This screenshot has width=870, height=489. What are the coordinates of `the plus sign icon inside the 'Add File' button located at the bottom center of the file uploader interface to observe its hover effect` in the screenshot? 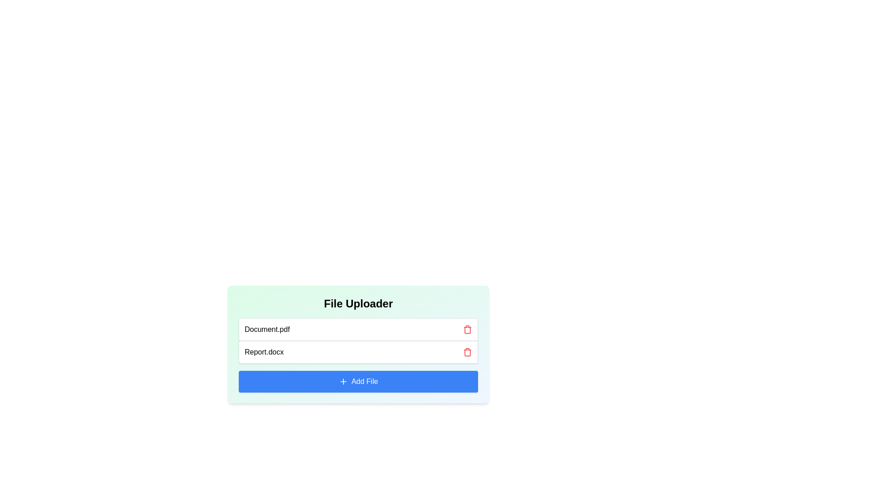 It's located at (343, 382).